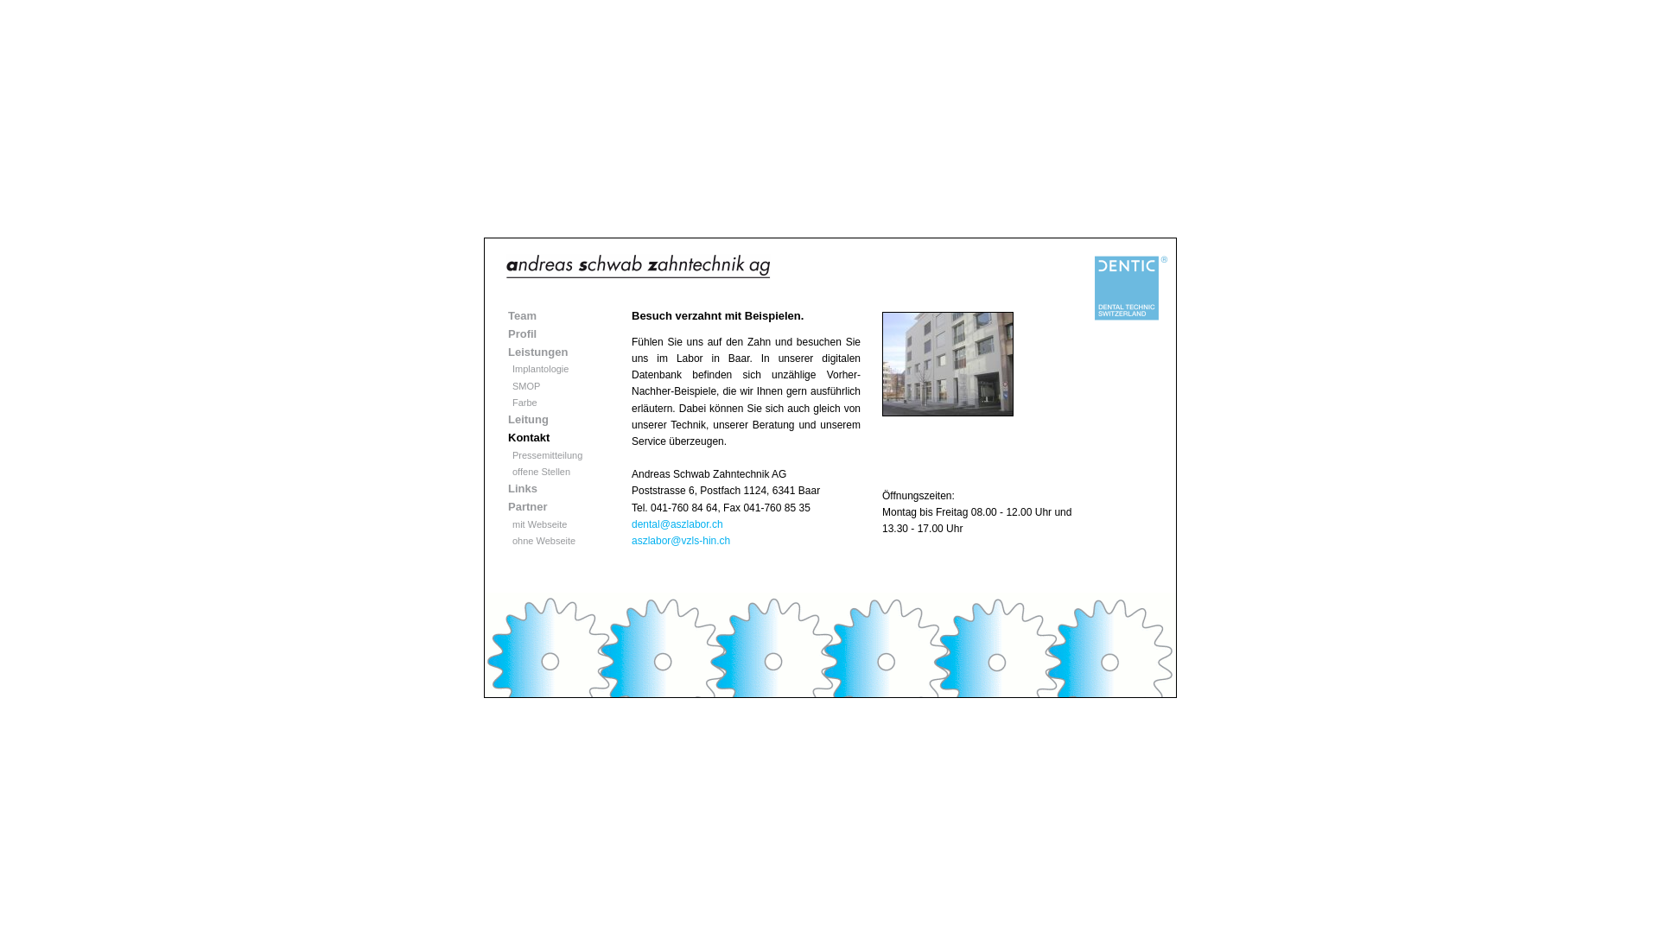 The height and width of the screenshot is (933, 1659). I want to click on 'Pressemitteilung', so click(546, 454).